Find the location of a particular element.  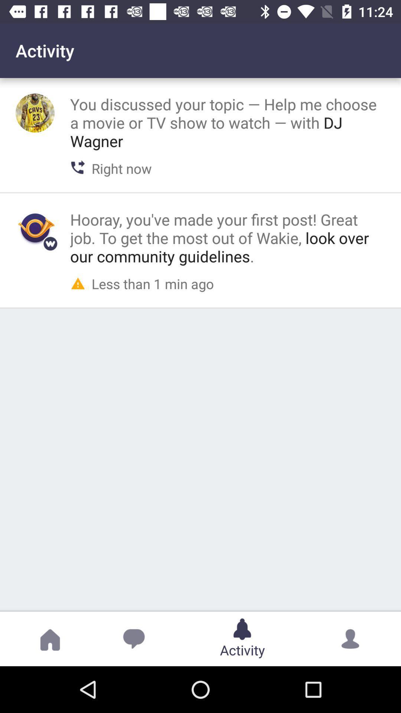

website is located at coordinates (35, 228).